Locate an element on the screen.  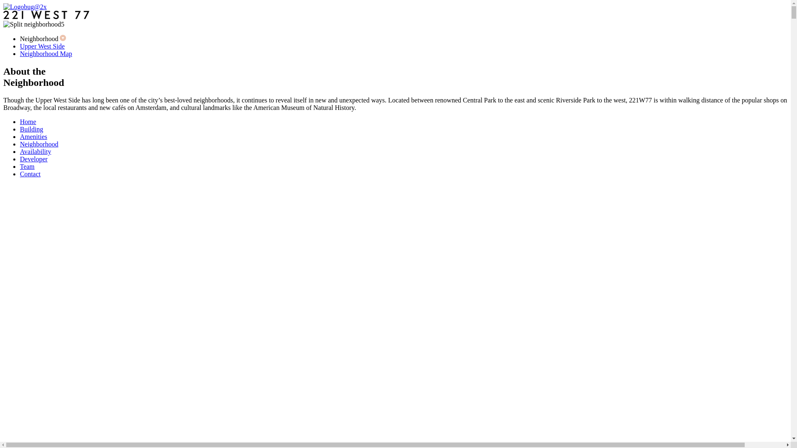
'Home' is located at coordinates (28, 122).